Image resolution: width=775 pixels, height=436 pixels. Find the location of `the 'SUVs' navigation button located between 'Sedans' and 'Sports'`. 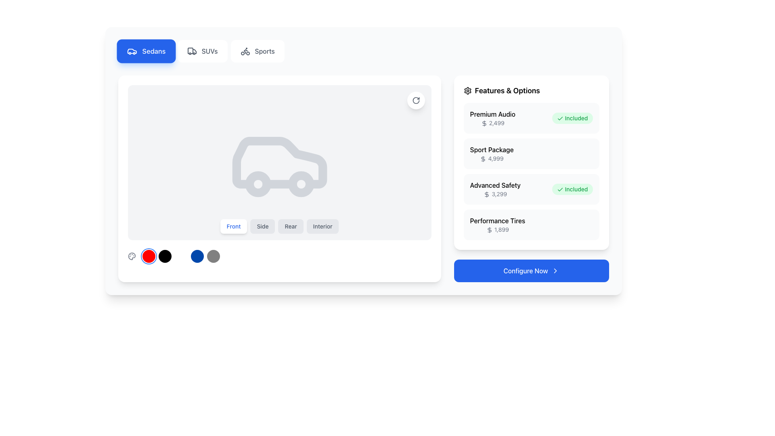

the 'SUVs' navigation button located between 'Sedans' and 'Sports' is located at coordinates (201, 51).